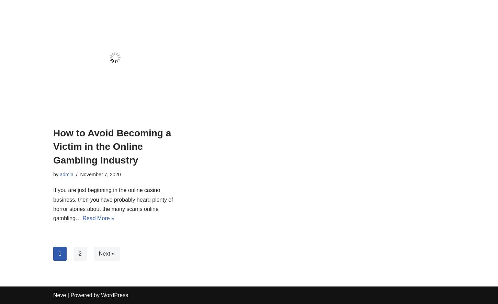 This screenshot has height=304, width=498. I want to click on 'November 7, 2020', so click(80, 174).